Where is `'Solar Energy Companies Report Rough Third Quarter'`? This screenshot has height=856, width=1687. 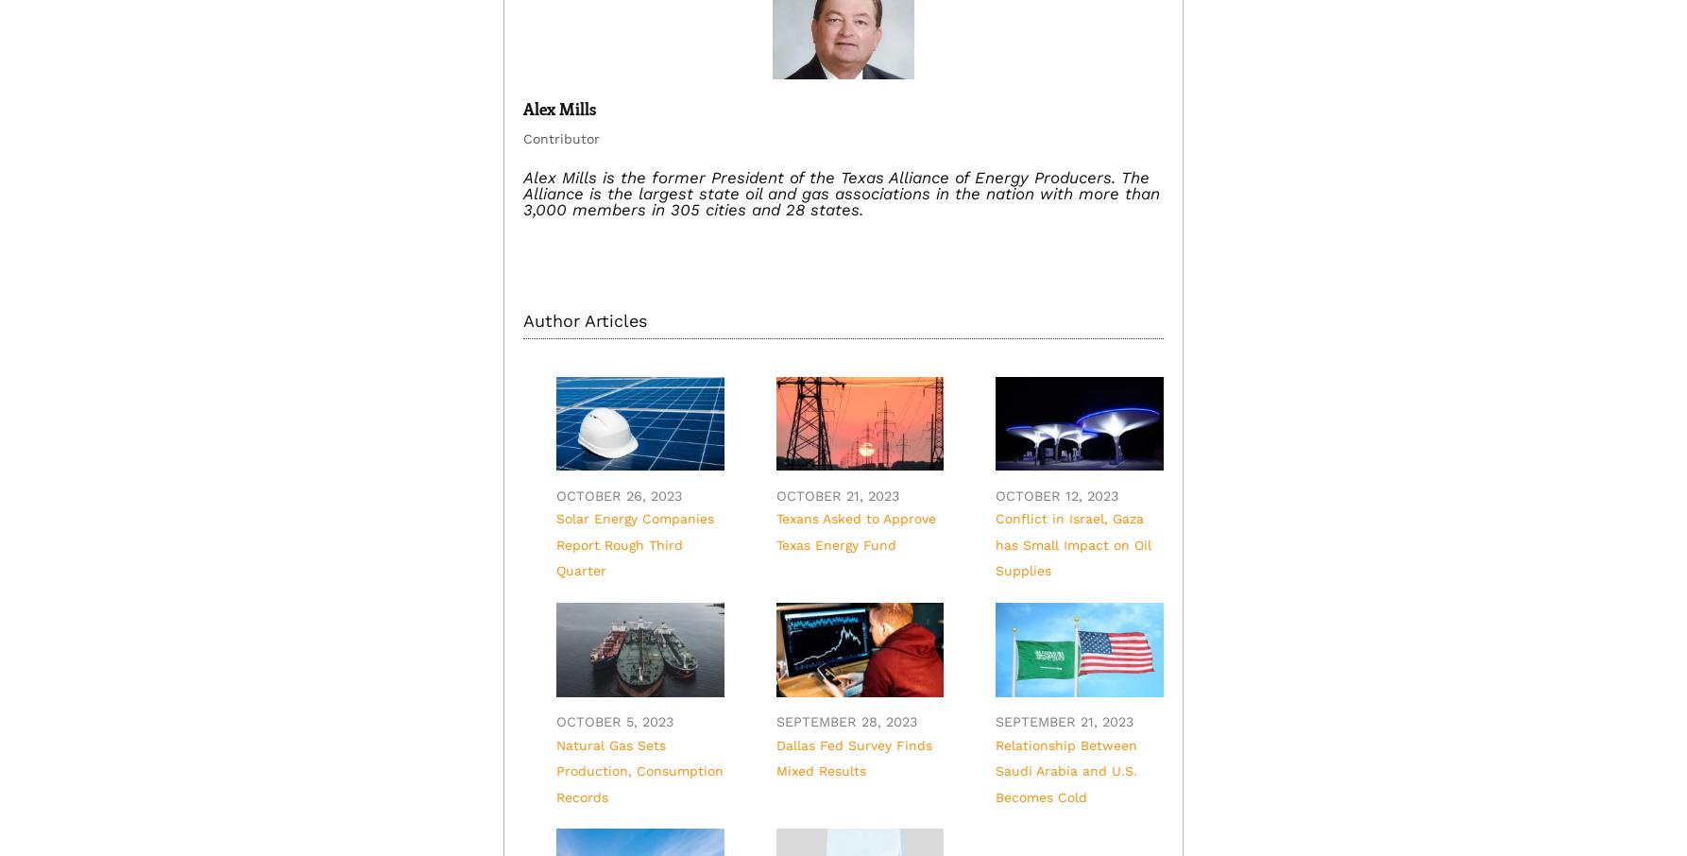 'Solar Energy Companies Report Rough Third Quarter' is located at coordinates (634, 543).